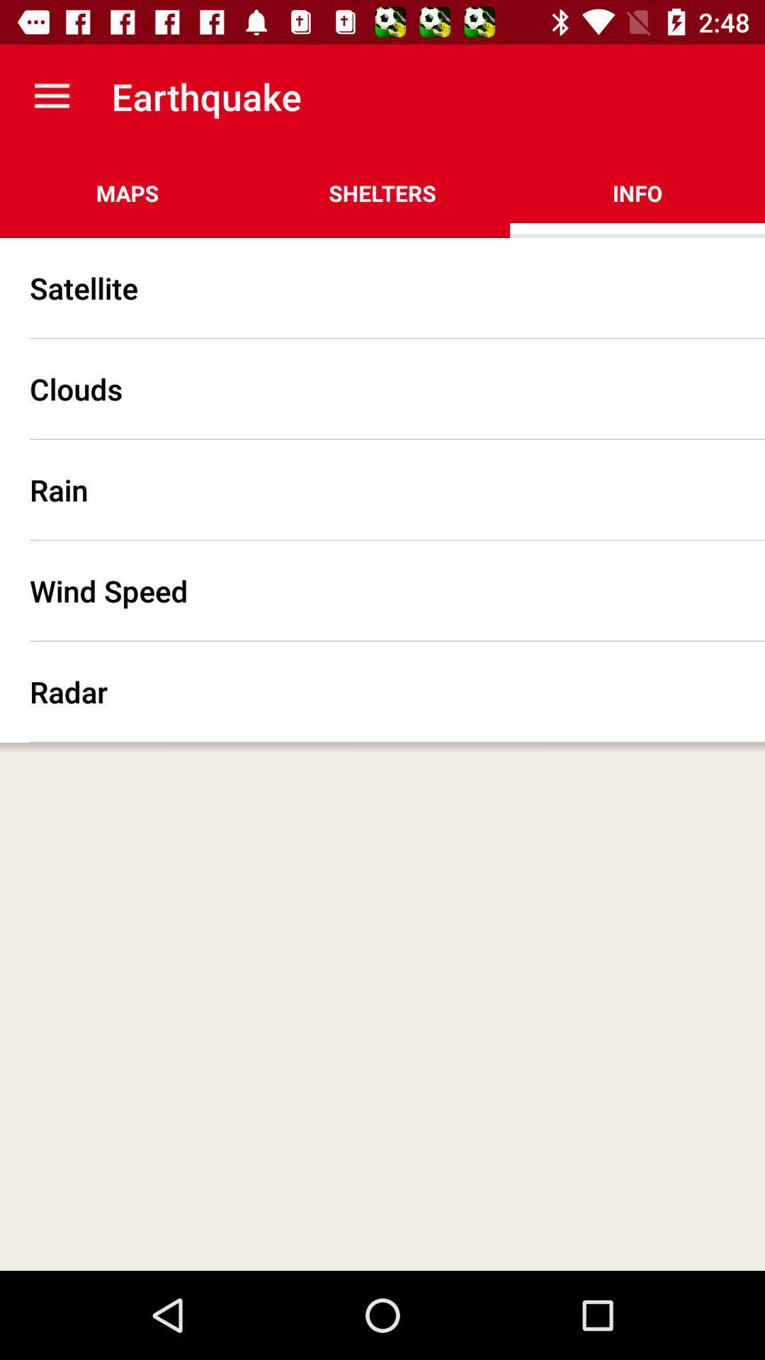 This screenshot has width=765, height=1360. Describe the element at coordinates (382, 193) in the screenshot. I see `the icon to the right of the maps` at that location.